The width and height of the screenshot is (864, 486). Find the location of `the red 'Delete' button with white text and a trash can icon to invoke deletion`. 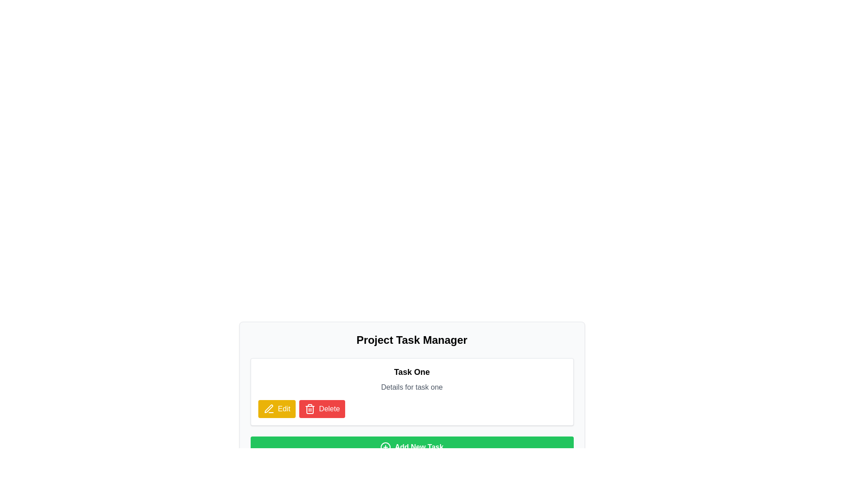

the red 'Delete' button with white text and a trash can icon to invoke deletion is located at coordinates (322, 409).